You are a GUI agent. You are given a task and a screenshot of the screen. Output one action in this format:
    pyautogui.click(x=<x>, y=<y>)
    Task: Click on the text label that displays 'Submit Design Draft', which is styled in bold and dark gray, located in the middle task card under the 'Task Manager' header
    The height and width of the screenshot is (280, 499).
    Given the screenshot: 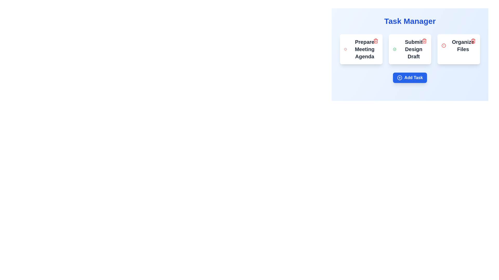 What is the action you would take?
    pyautogui.click(x=413, y=49)
    